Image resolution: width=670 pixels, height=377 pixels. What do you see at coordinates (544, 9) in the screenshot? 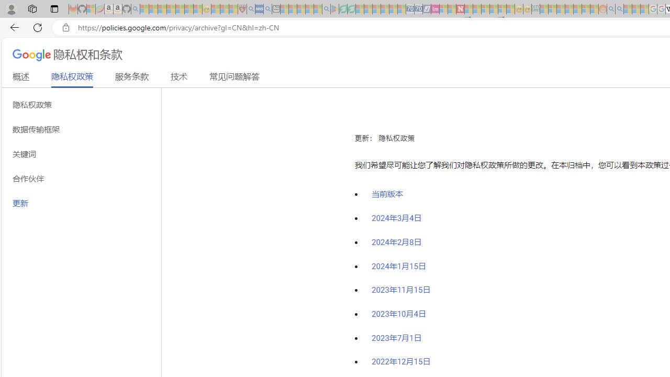
I see `'MSNBC - MSN - Sleeping'` at bounding box center [544, 9].